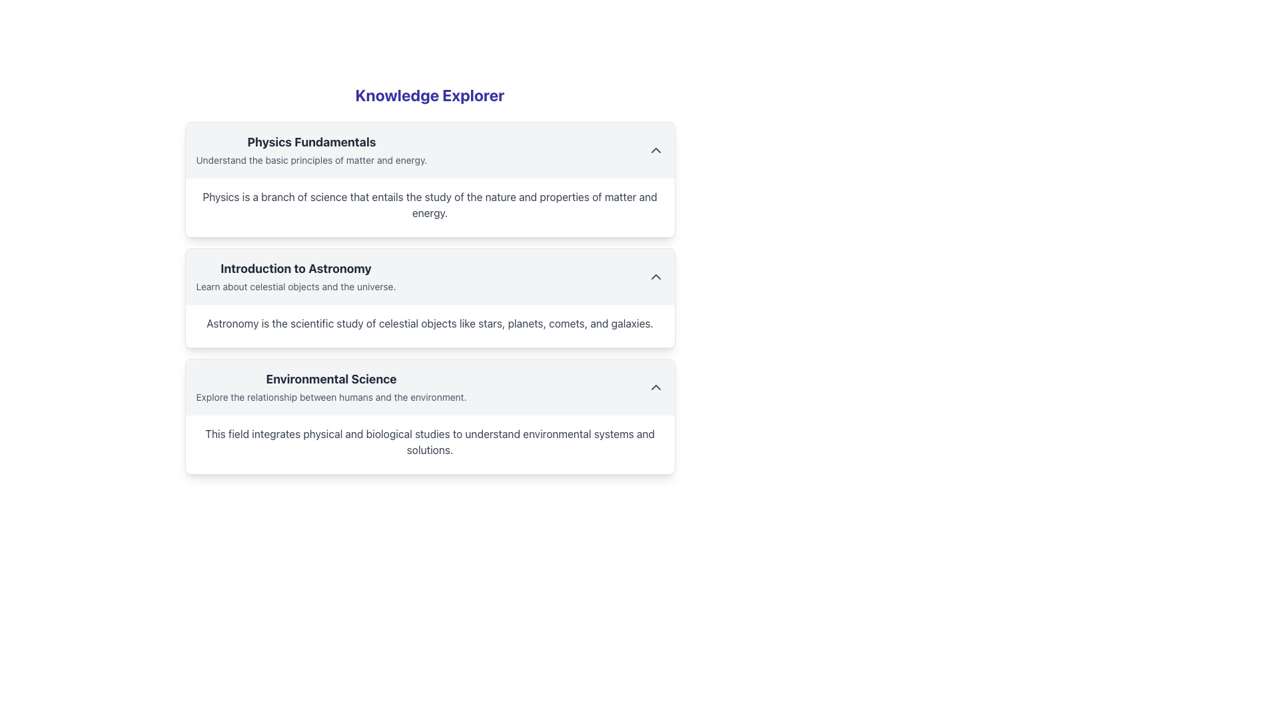 The image size is (1279, 719). I want to click on the title within the first section of the vertically stacked list, so click(310, 150).